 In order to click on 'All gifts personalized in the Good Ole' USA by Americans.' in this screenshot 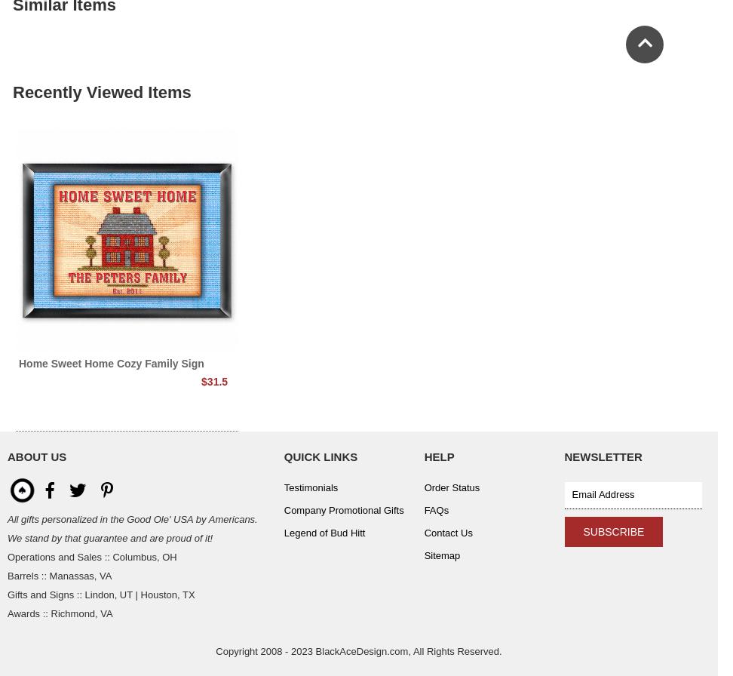, I will do `click(132, 519)`.